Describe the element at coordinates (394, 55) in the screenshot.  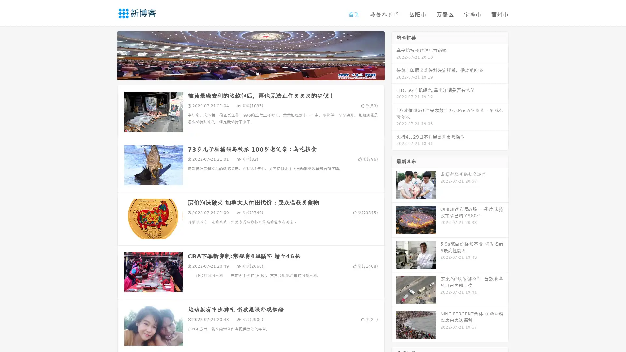
I see `Next slide` at that location.